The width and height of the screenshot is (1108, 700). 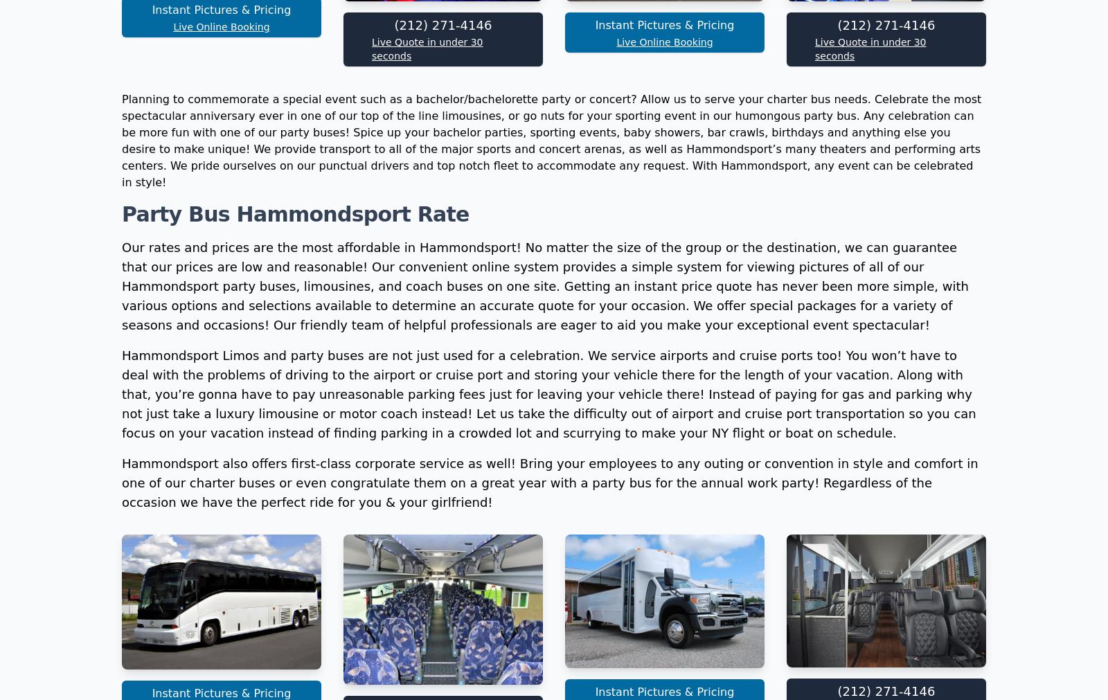 I want to click on 'Party Bus Hammondsport Rate', so click(x=294, y=399).